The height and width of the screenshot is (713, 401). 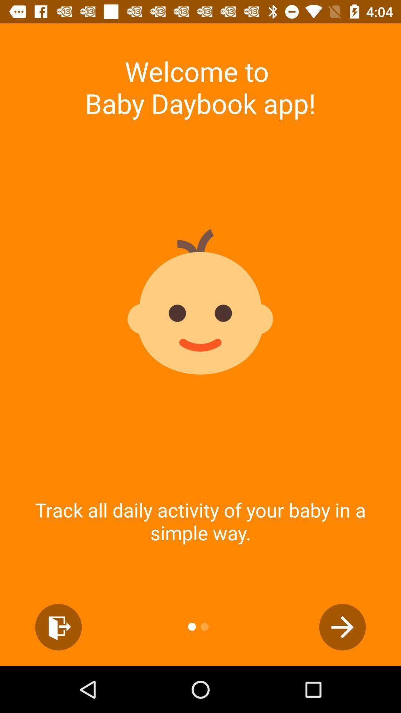 I want to click on the arrow_forward icon, so click(x=342, y=627).